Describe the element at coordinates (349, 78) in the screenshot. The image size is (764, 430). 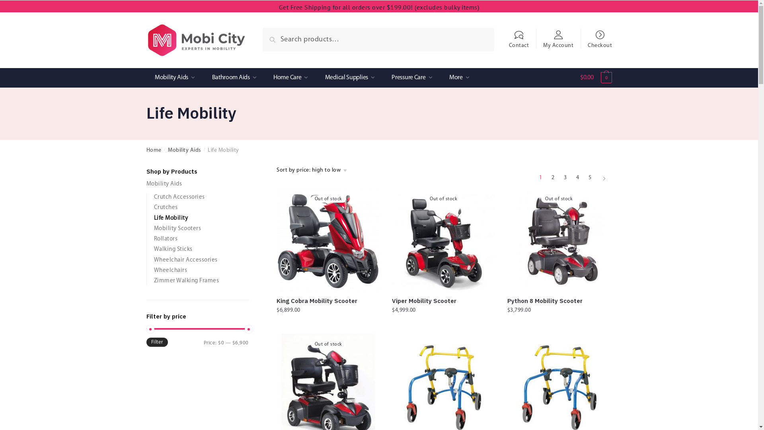
I see `'Medical Supplies'` at that location.